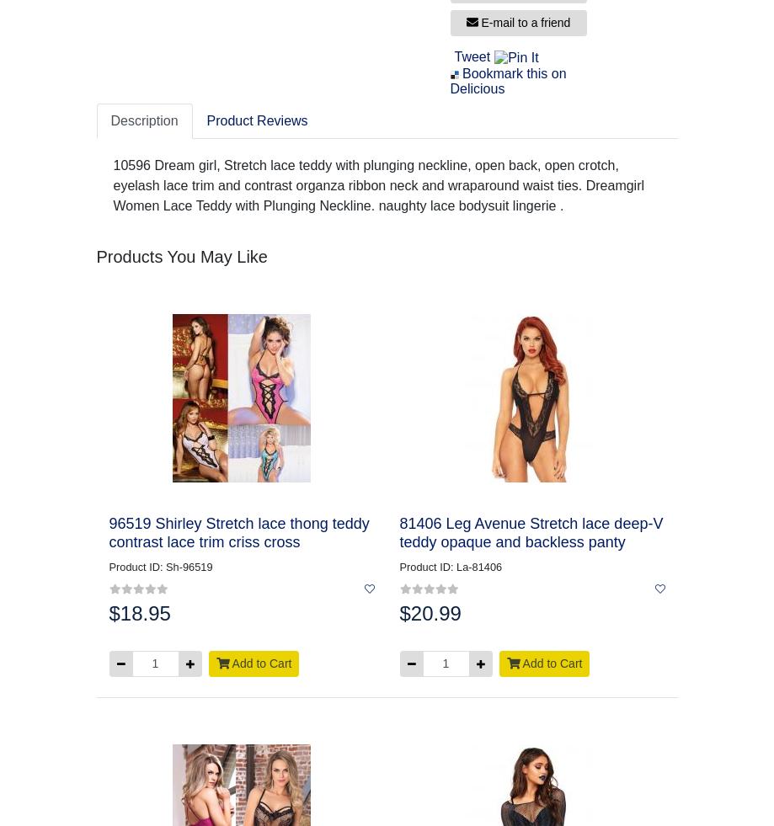  What do you see at coordinates (238, 532) in the screenshot?
I see `'96519 Shirley Stretch lace thong teddy contrast lace trim criss cross'` at bounding box center [238, 532].